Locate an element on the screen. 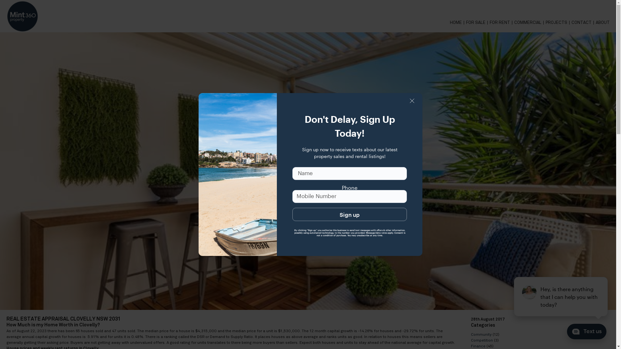 The height and width of the screenshot is (349, 621). 'Mint360property - ' is located at coordinates (22, 16).